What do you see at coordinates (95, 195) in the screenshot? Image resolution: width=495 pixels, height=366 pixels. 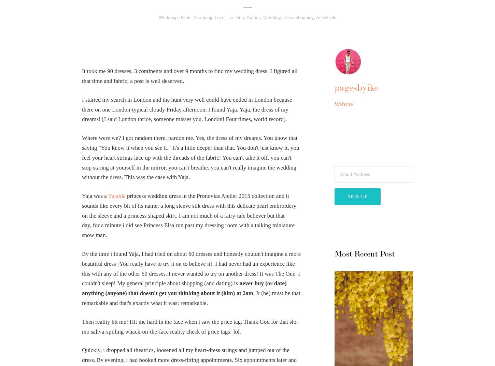 I see `'Yaja was a'` at bounding box center [95, 195].